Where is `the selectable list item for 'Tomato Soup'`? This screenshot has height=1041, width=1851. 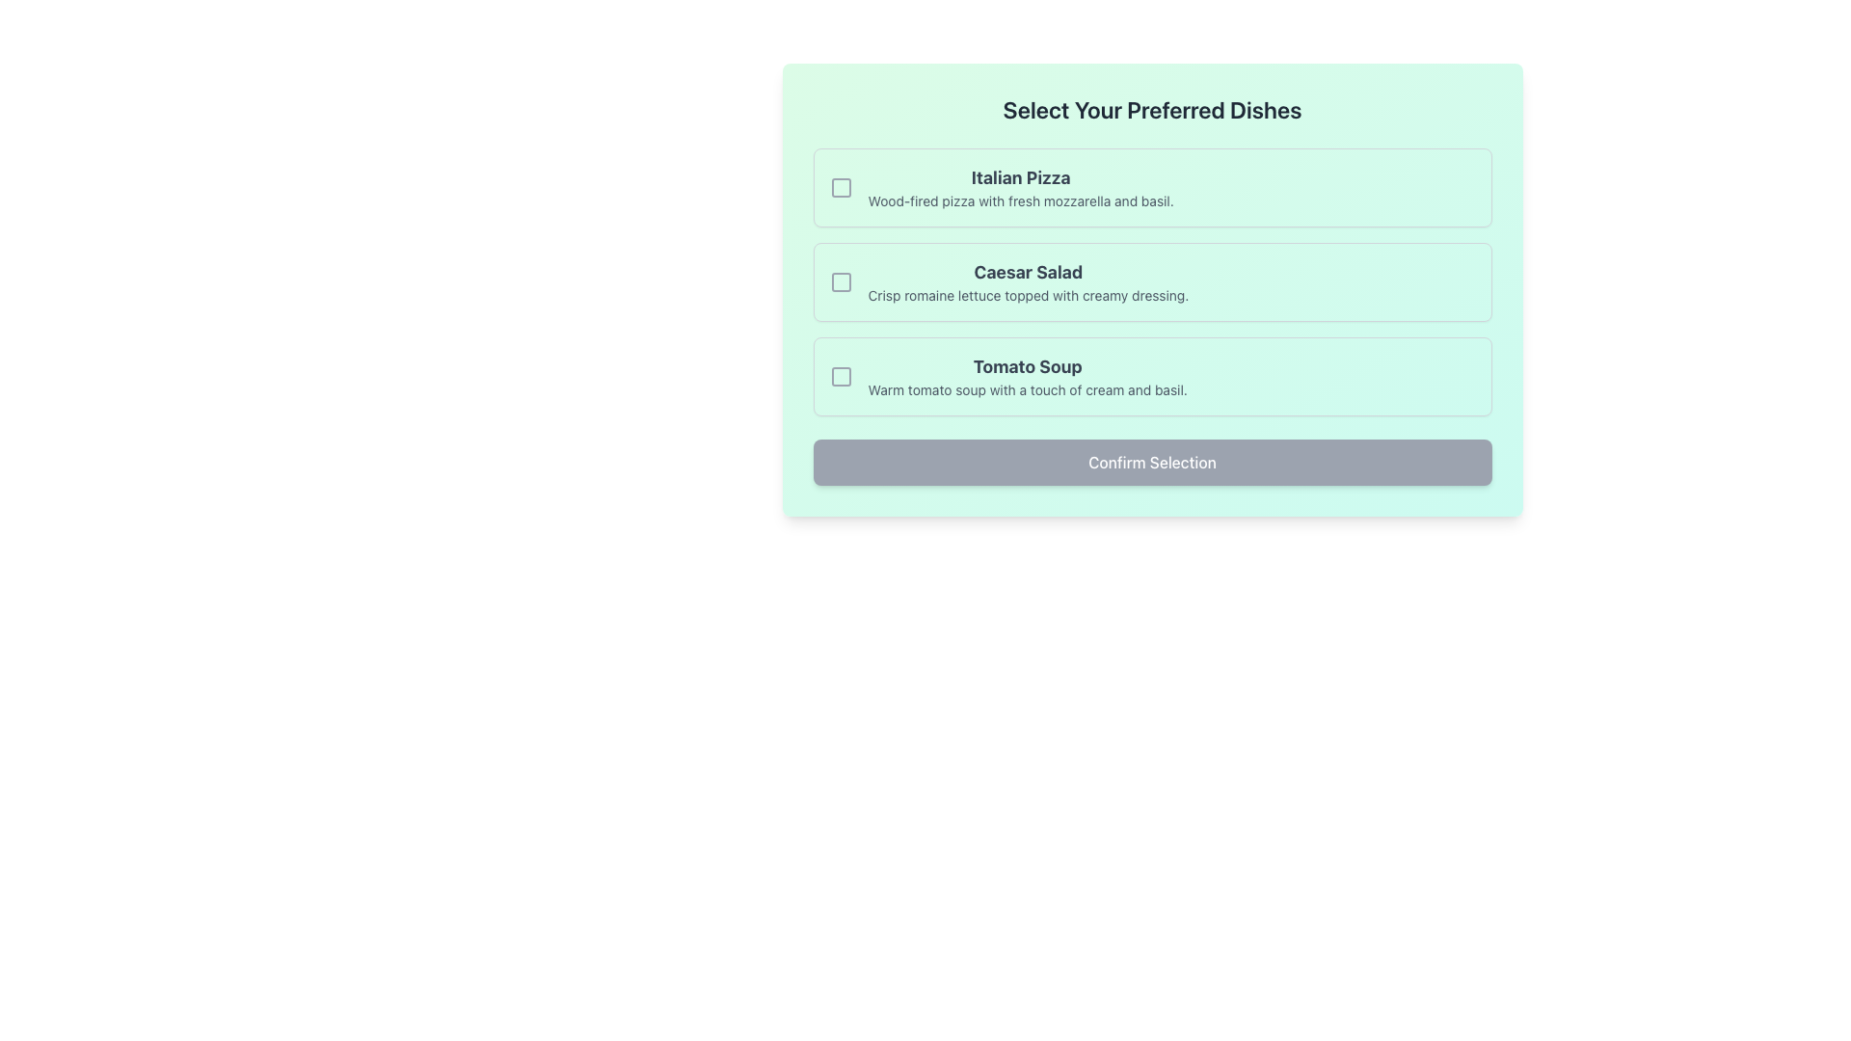 the selectable list item for 'Tomato Soup' is located at coordinates (1152, 376).